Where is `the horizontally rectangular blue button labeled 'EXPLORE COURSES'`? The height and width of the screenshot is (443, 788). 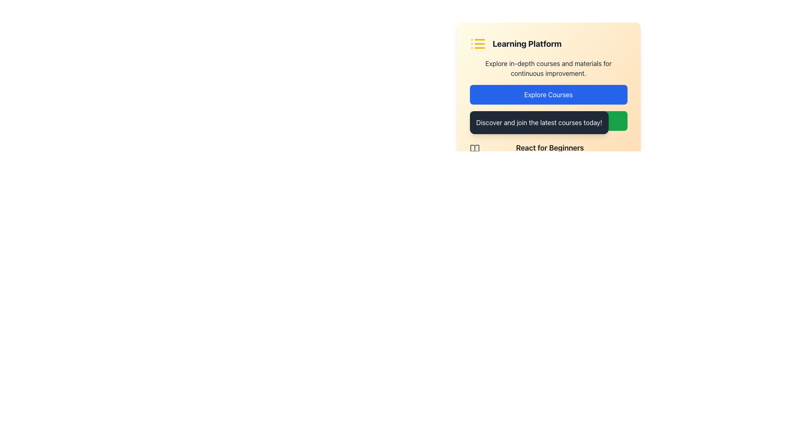
the horizontally rectangular blue button labeled 'EXPLORE COURSES' is located at coordinates (548, 94).